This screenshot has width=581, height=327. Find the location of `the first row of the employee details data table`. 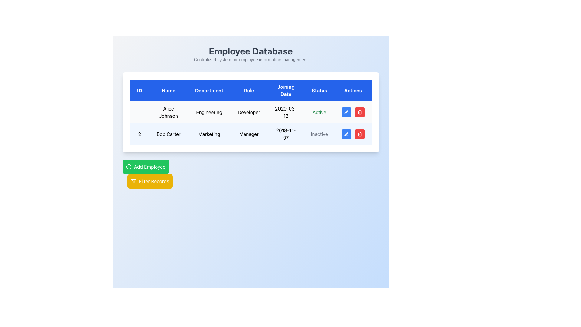

the first row of the employee details data table is located at coordinates (251, 112).